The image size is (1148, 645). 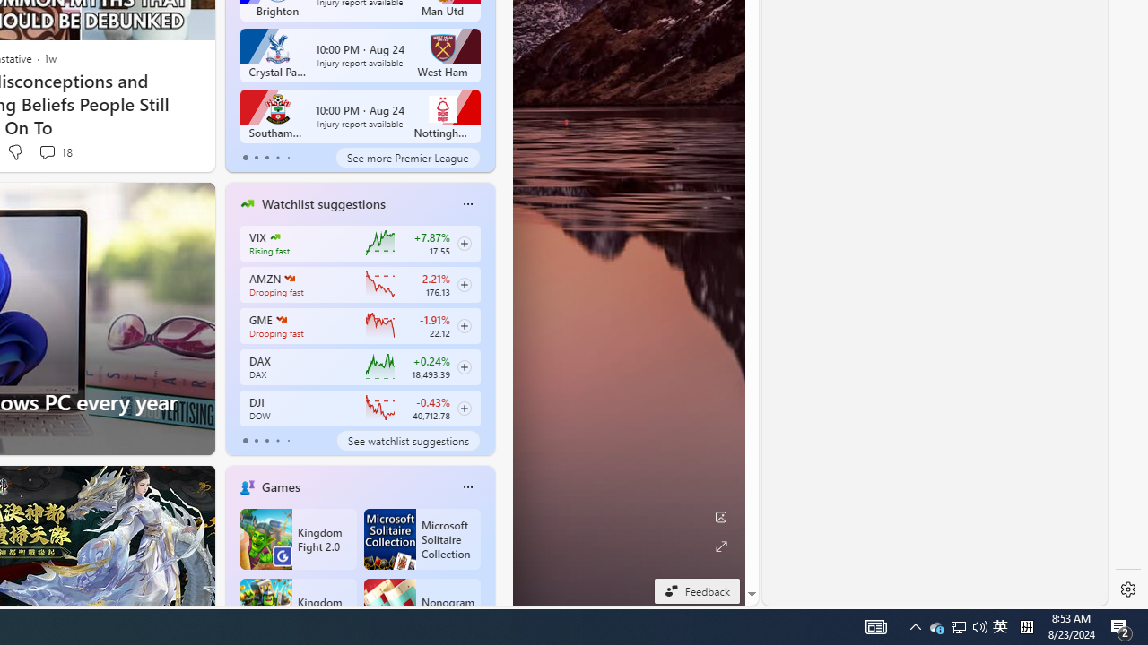 What do you see at coordinates (406, 157) in the screenshot?
I see `'See more Premier League'` at bounding box center [406, 157].